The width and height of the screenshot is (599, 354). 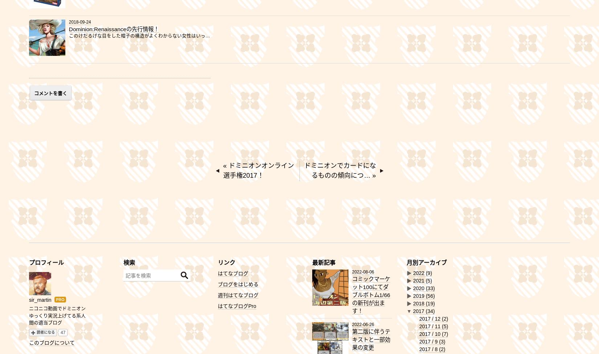 I want to click on '2022-08-06', so click(x=363, y=272).